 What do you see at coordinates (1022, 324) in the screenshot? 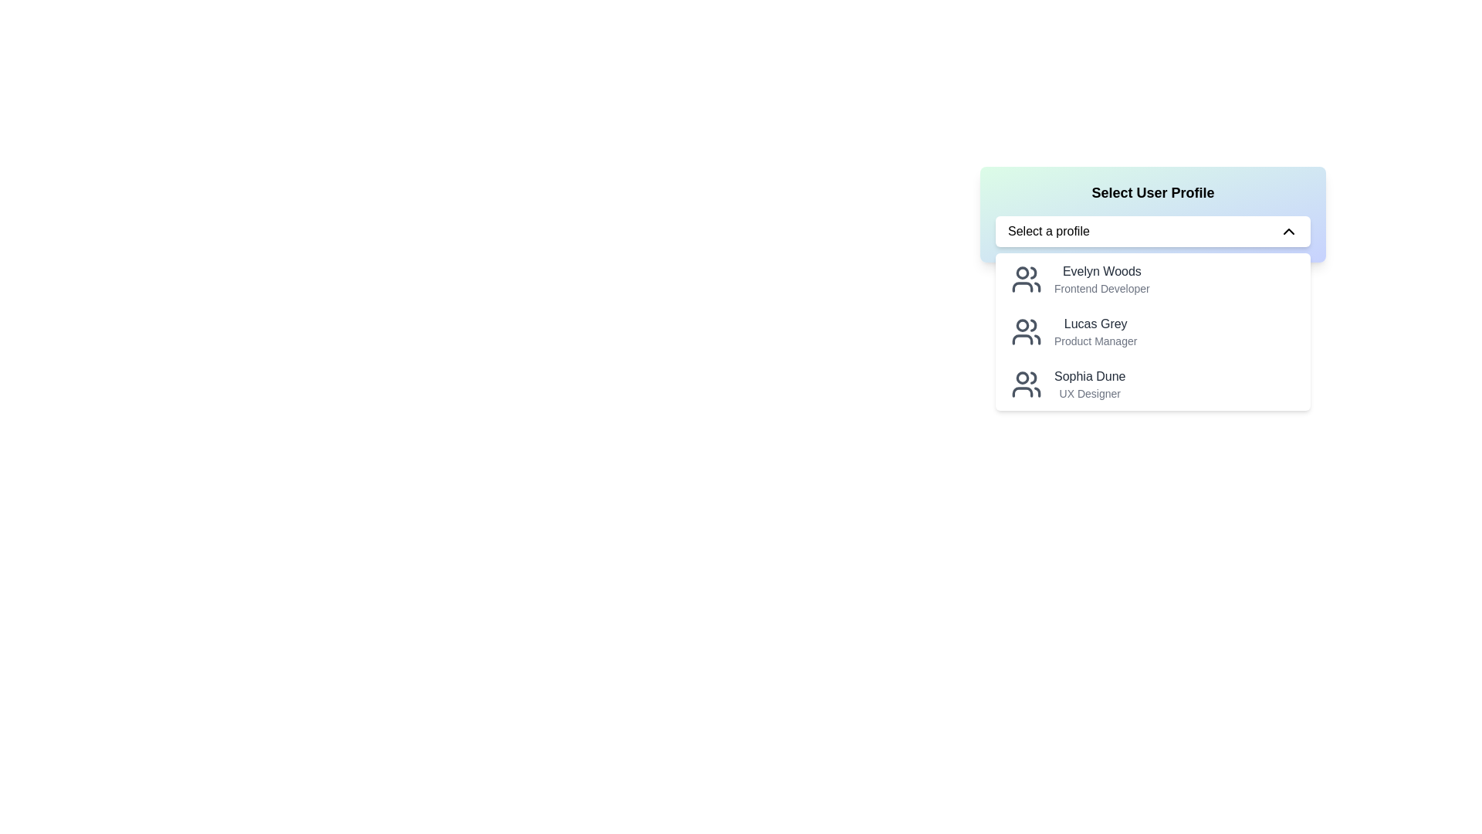
I see `the SVG Circle representing the head of the user icon for 'Lucas Grey' located in the second item of the user profile list under the 'Select User Profile' dropdown` at bounding box center [1022, 324].